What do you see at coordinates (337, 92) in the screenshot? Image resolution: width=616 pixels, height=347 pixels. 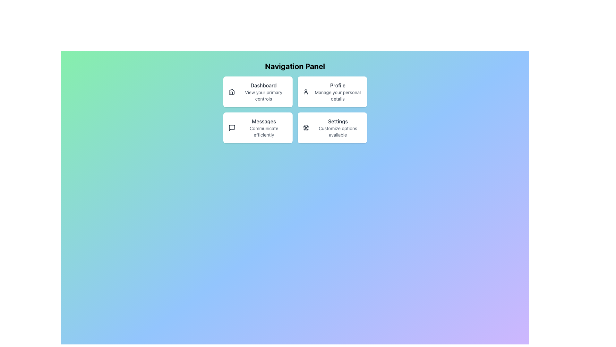 I see `the 'Profile' text label, which includes the title 'Profile' and subtitle 'Manage your personal details', located in the second card of the first row in a grid layout` at bounding box center [337, 92].